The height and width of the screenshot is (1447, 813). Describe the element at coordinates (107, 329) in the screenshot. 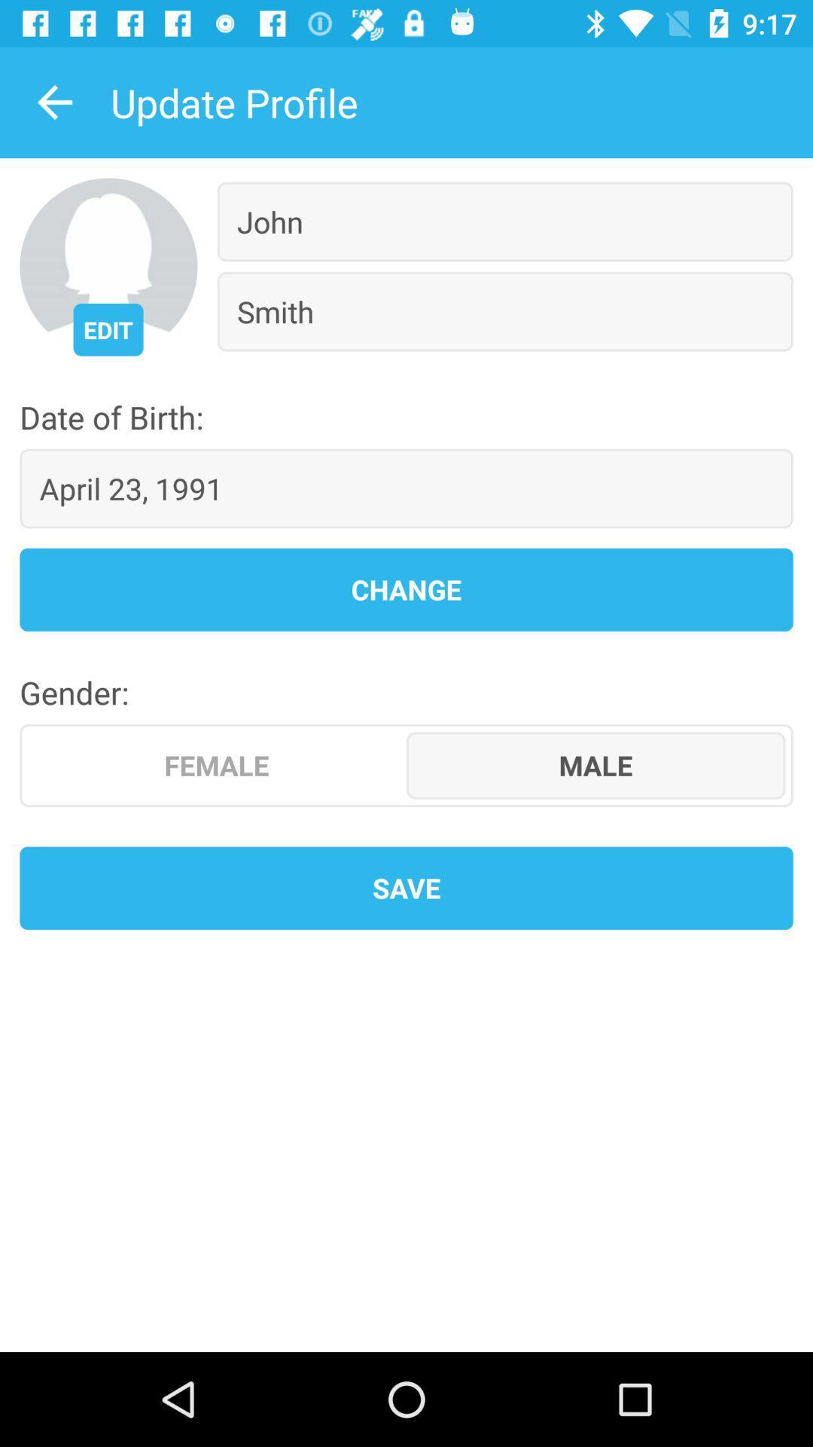

I see `item below update profile icon` at that location.